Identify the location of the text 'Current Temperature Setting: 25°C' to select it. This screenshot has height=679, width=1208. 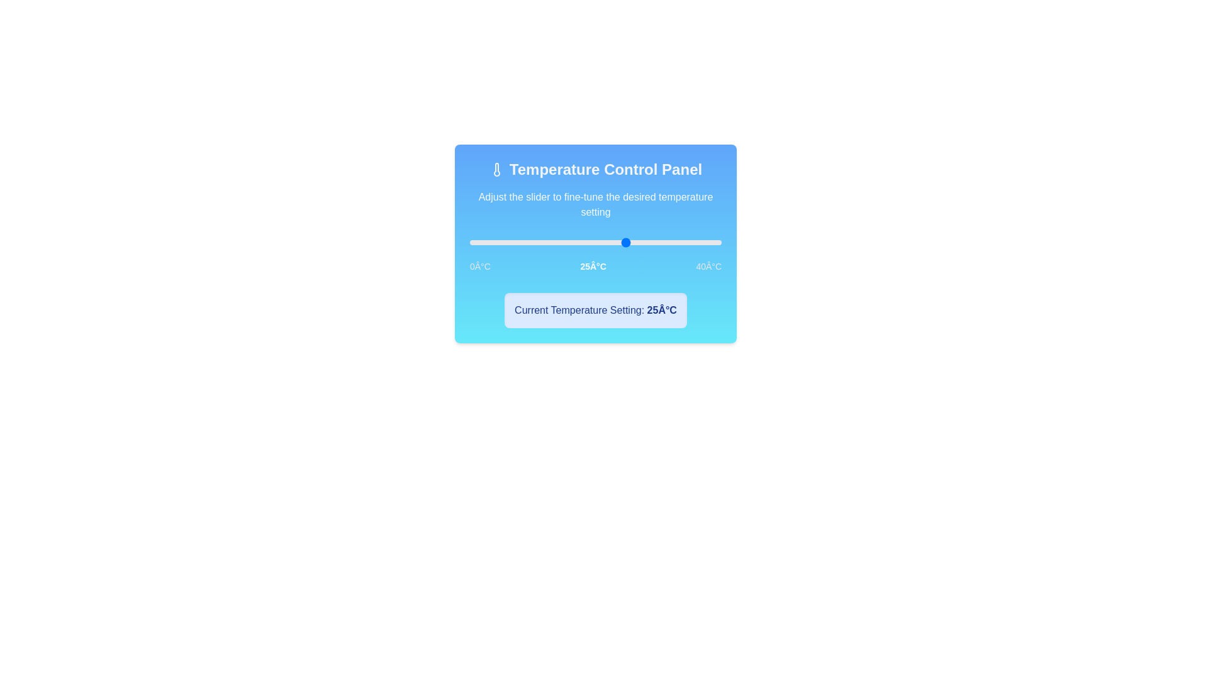
(595, 310).